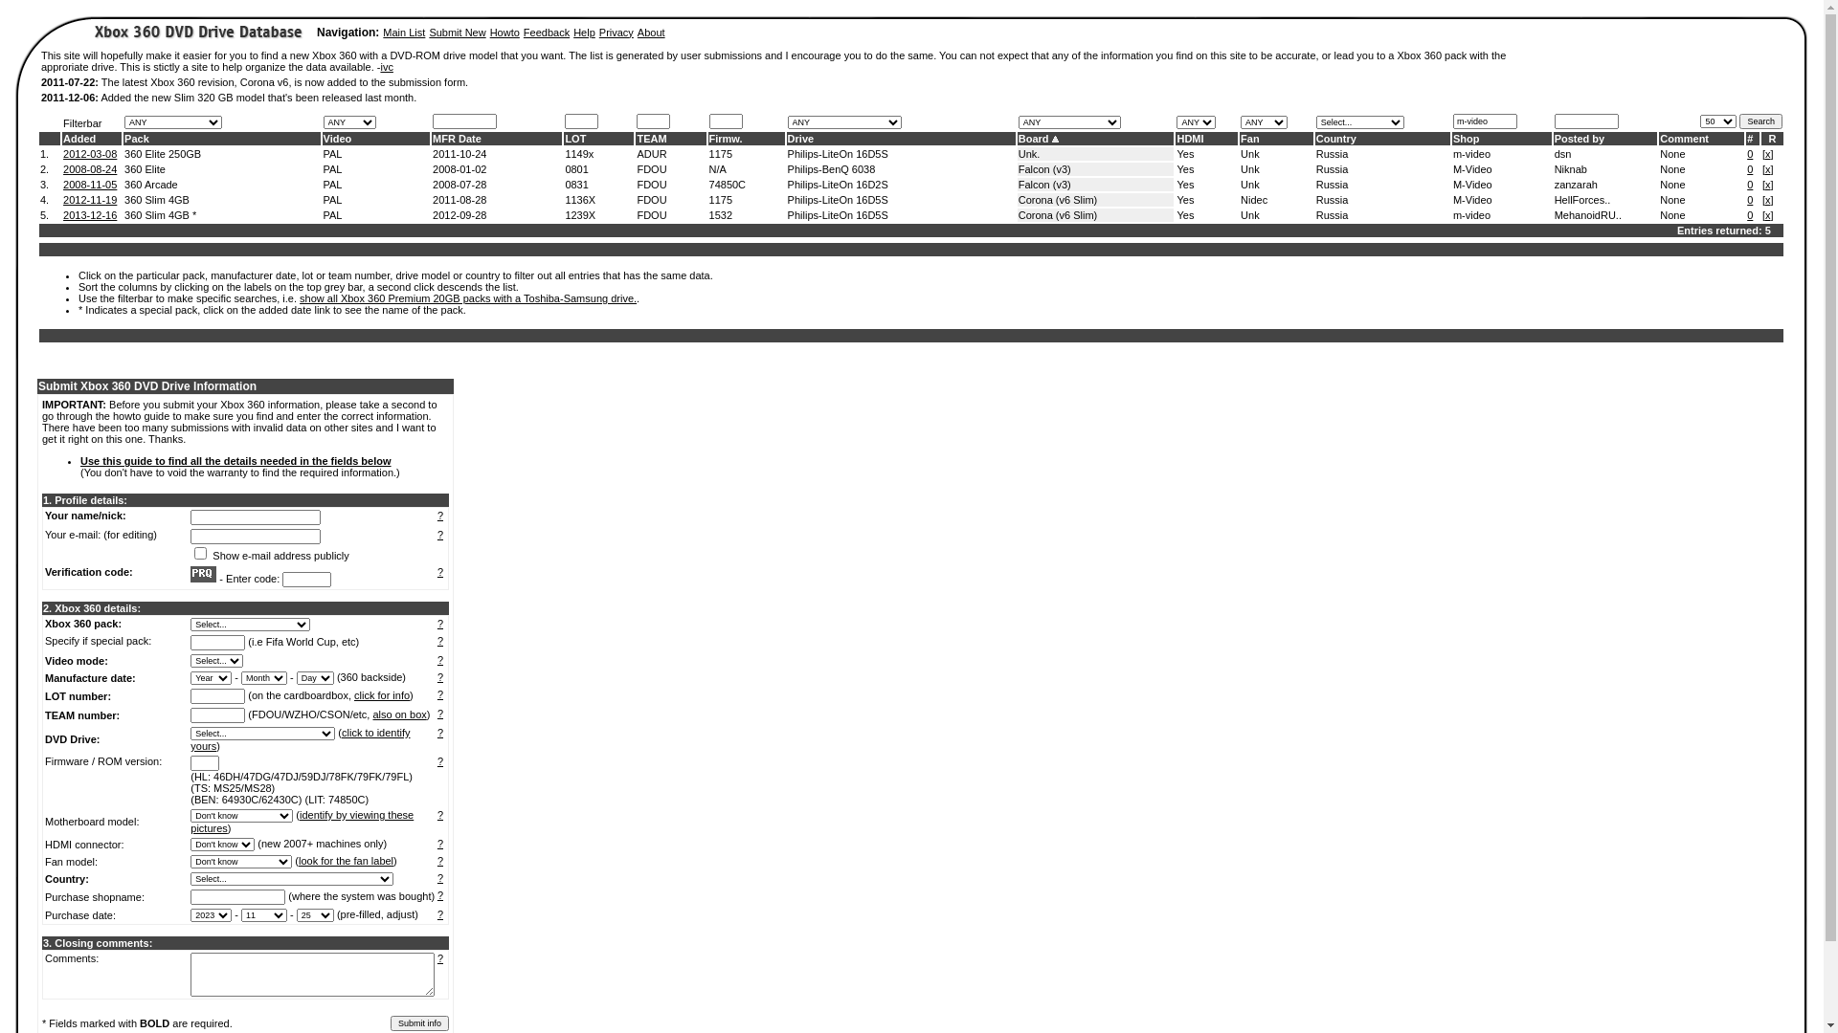 This screenshot has width=1838, height=1033. What do you see at coordinates (78, 138) in the screenshot?
I see `'Added'` at bounding box center [78, 138].